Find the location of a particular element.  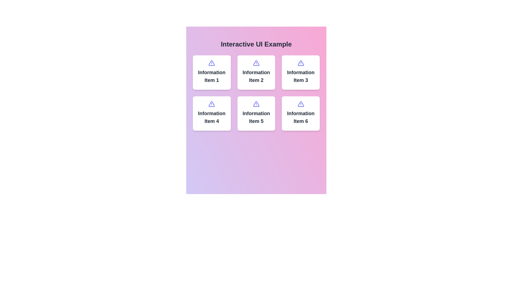

the triangular warning icon located above the text of the second item in the second row of a grid layout, which is uniquely distinguished from other warning icons is located at coordinates (256, 63).